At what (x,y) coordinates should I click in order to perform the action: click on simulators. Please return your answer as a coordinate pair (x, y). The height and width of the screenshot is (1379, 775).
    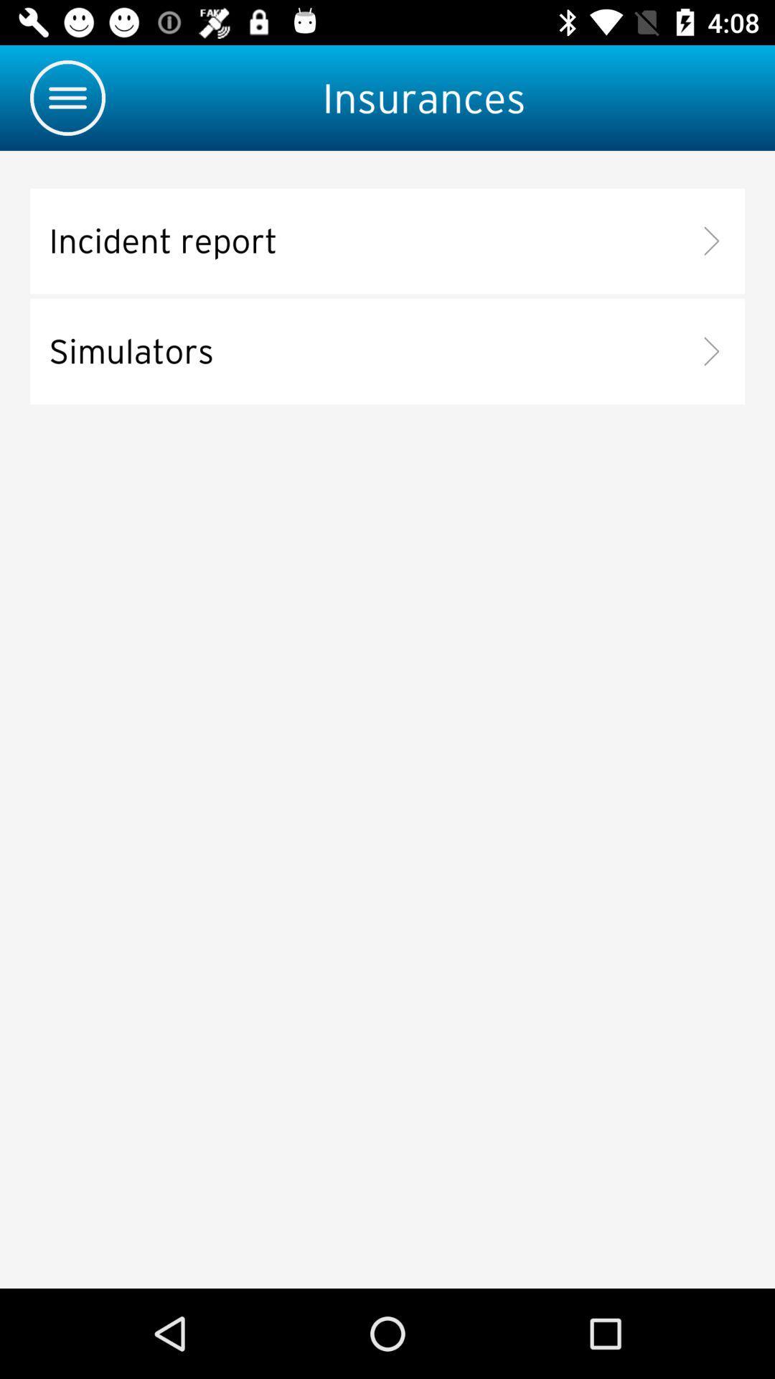
    Looking at the image, I should click on (387, 351).